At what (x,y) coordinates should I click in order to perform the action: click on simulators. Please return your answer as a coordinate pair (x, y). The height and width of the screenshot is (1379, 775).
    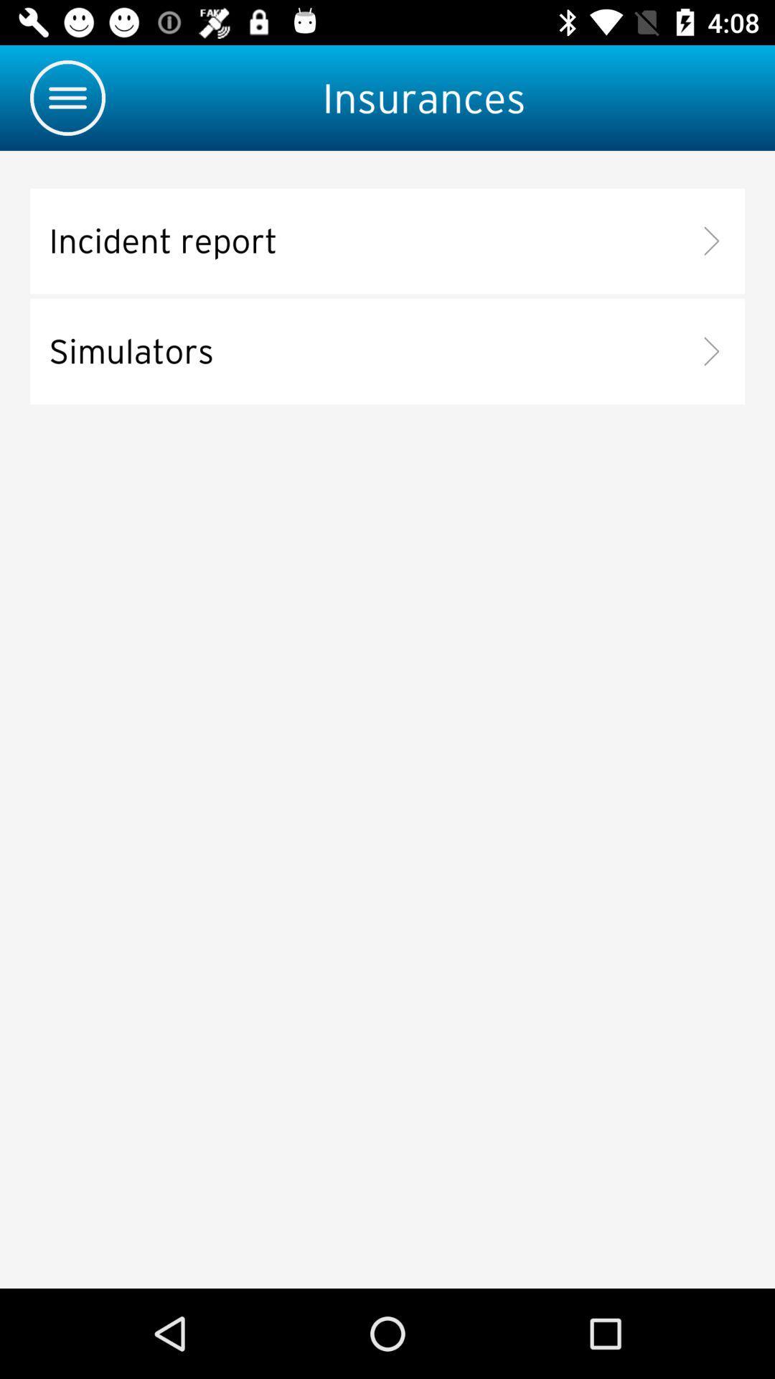
    Looking at the image, I should click on (387, 351).